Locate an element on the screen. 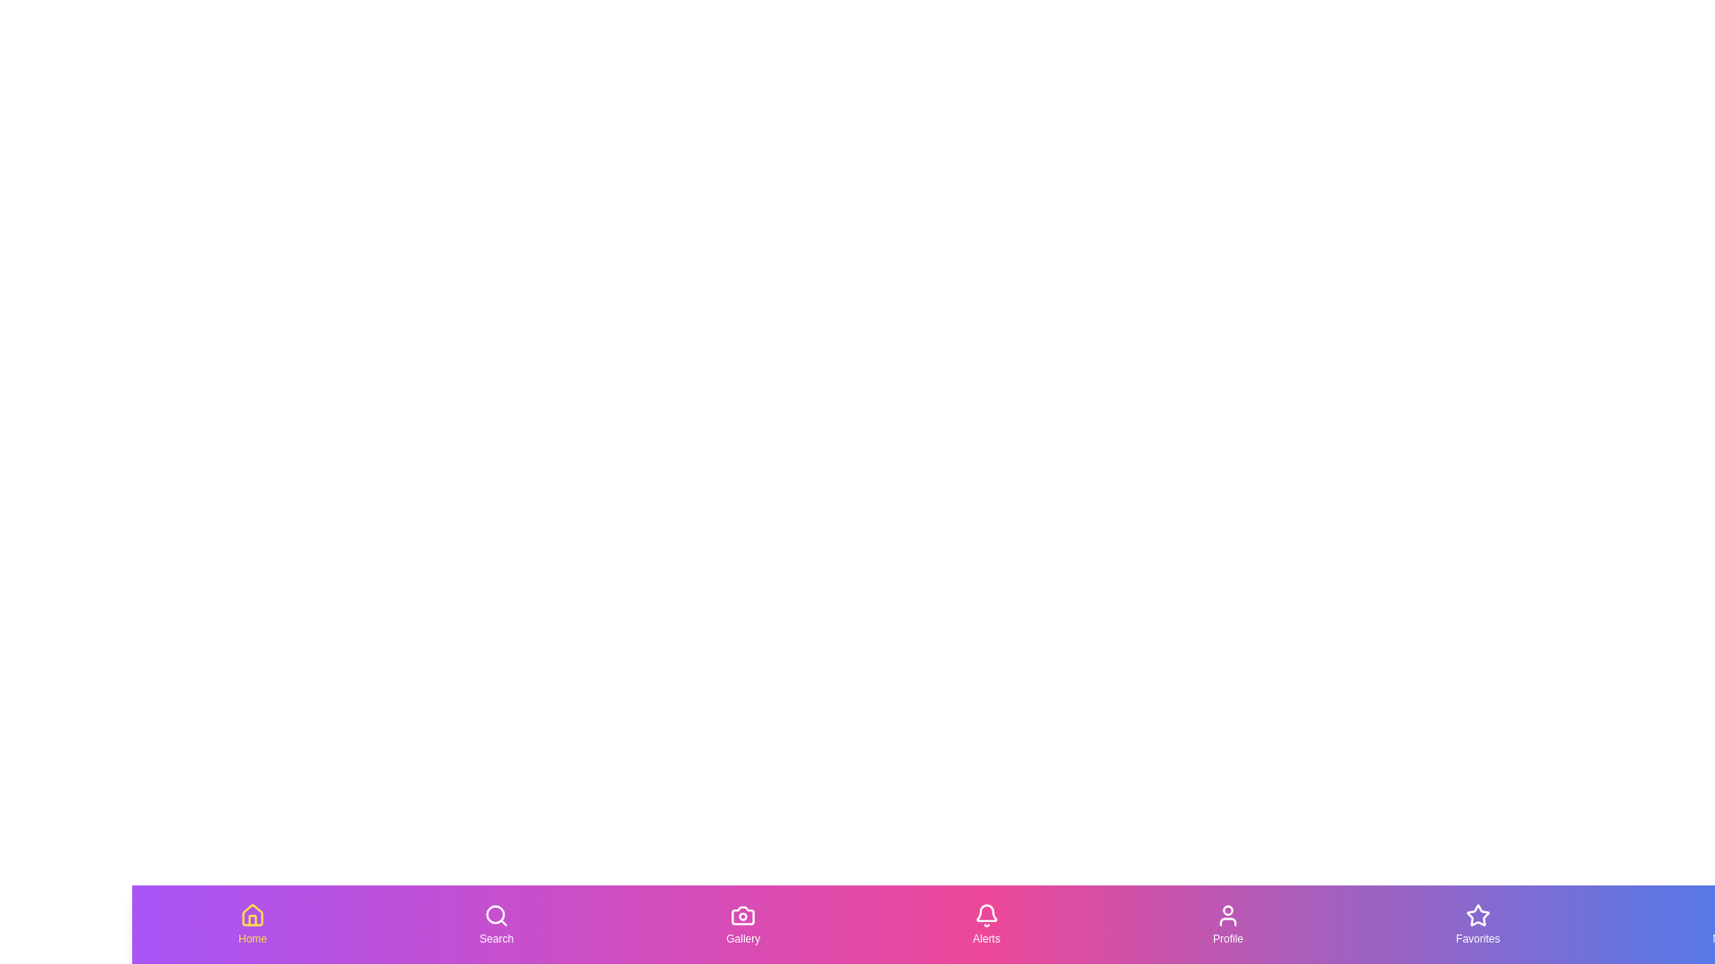 Image resolution: width=1715 pixels, height=964 pixels. the button labeled Favorites to observe the hover effect is located at coordinates (1477, 924).